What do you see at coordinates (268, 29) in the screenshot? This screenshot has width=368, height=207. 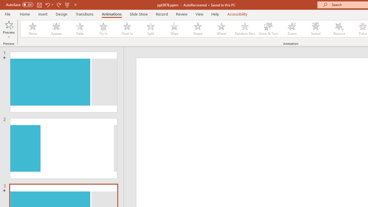 I see `'Grow & Turn'` at bounding box center [268, 29].